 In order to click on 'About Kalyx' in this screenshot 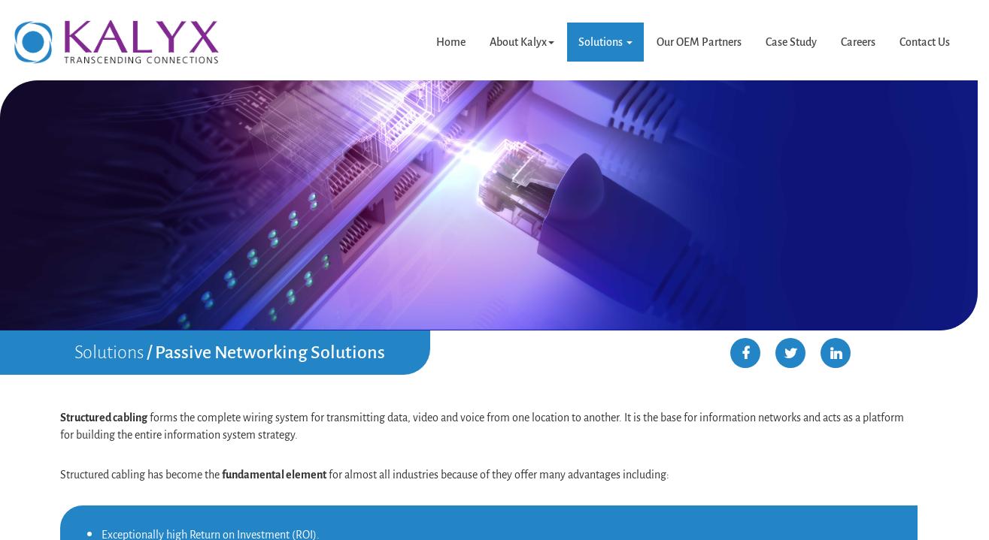, I will do `click(517, 41)`.